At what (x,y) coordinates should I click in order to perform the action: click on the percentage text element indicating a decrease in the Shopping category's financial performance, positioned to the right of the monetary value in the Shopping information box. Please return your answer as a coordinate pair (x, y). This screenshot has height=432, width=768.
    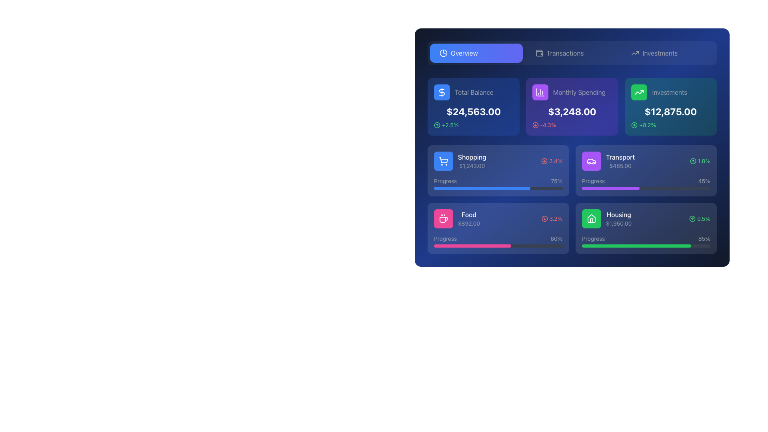
    Looking at the image, I should click on (551, 161).